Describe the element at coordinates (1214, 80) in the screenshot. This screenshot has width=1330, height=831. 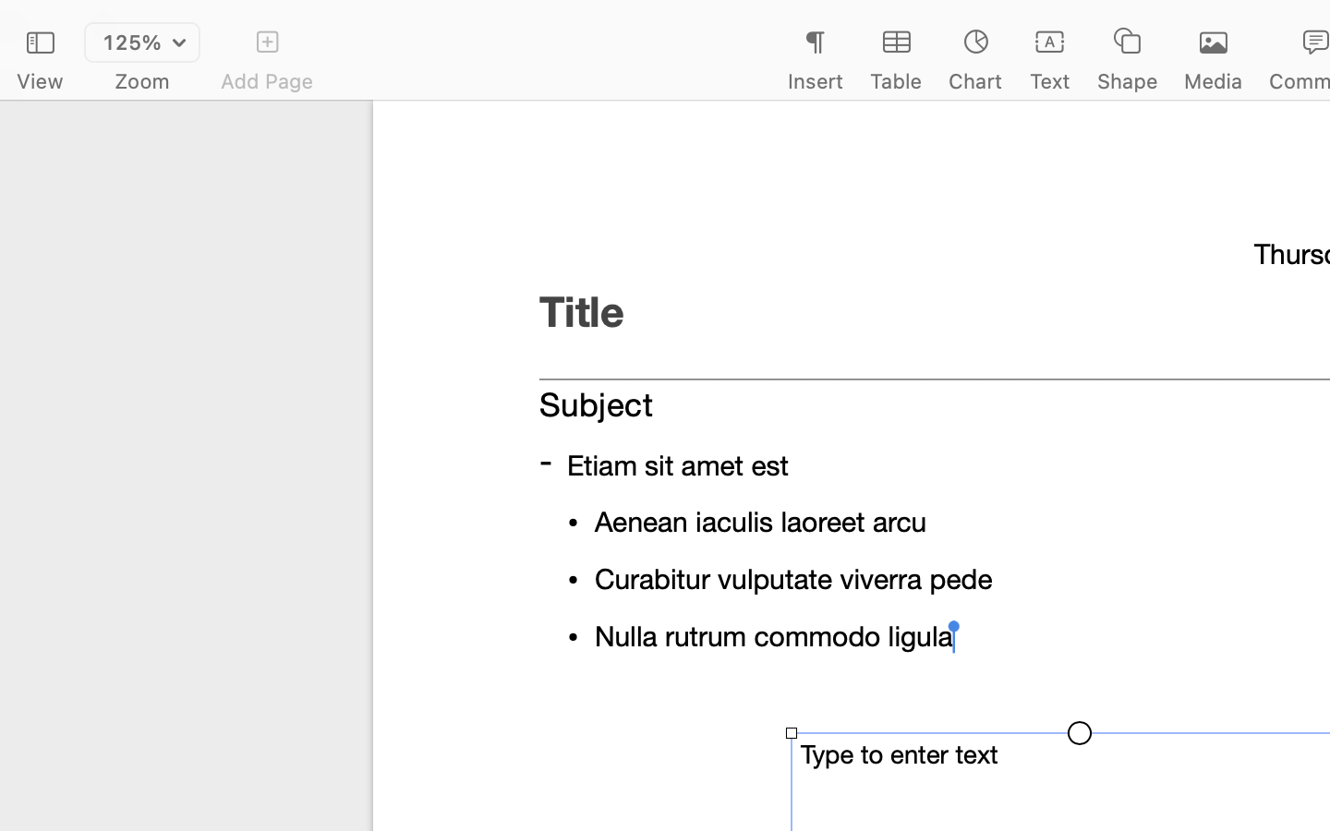
I see `'Media'` at that location.